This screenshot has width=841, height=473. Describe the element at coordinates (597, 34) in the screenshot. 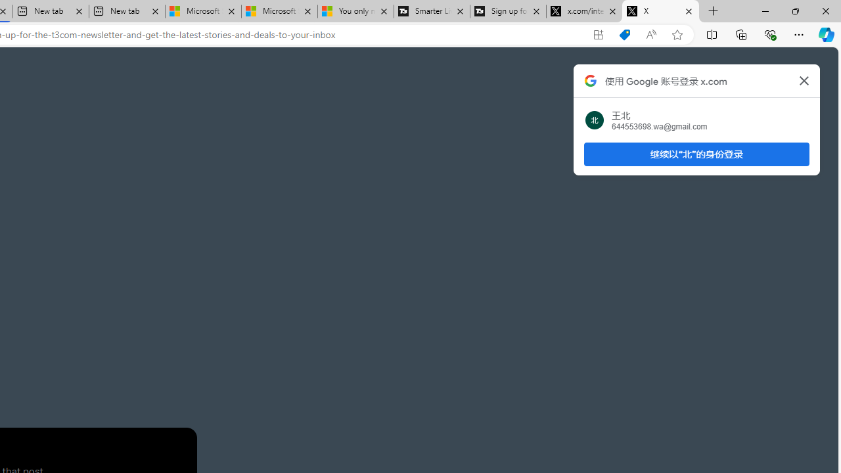

I see `'App available. Install X'` at that location.